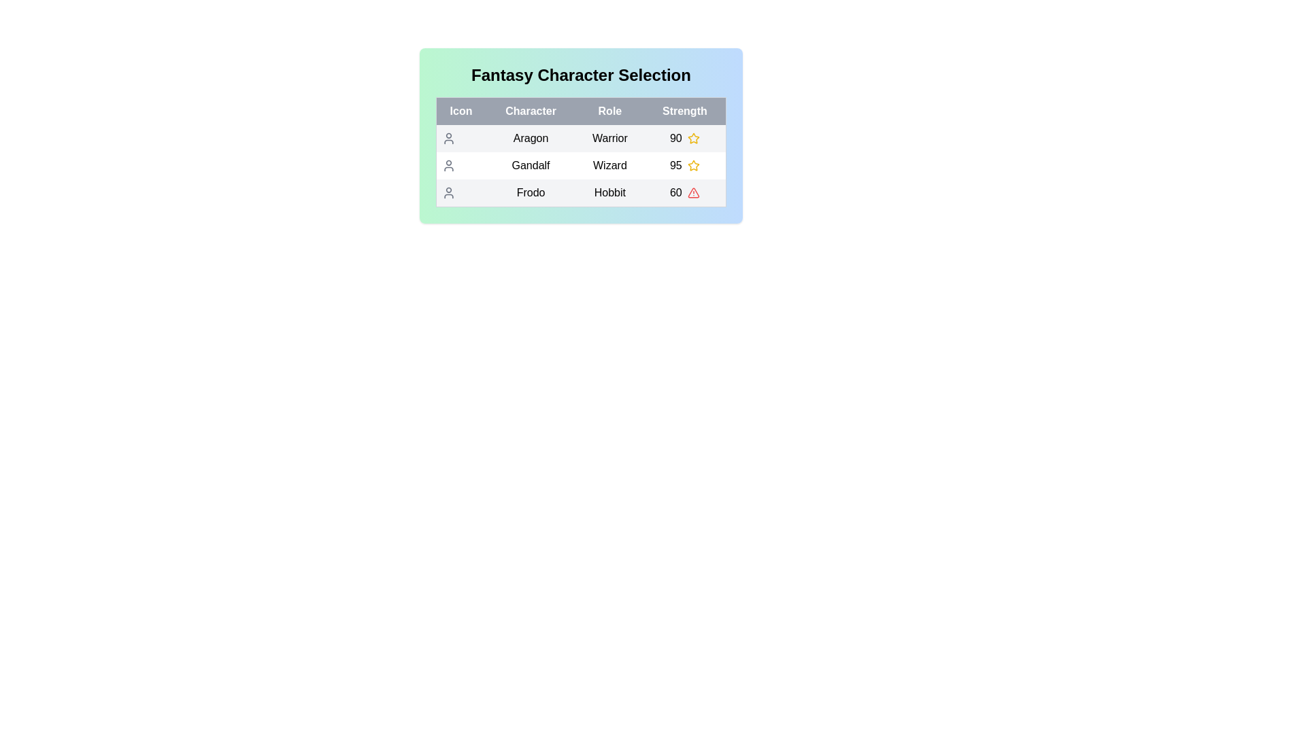 This screenshot has width=1306, height=734. What do you see at coordinates (460, 111) in the screenshot?
I see `the header cell labeled 'Icon' to sort or filter the table based on that column` at bounding box center [460, 111].